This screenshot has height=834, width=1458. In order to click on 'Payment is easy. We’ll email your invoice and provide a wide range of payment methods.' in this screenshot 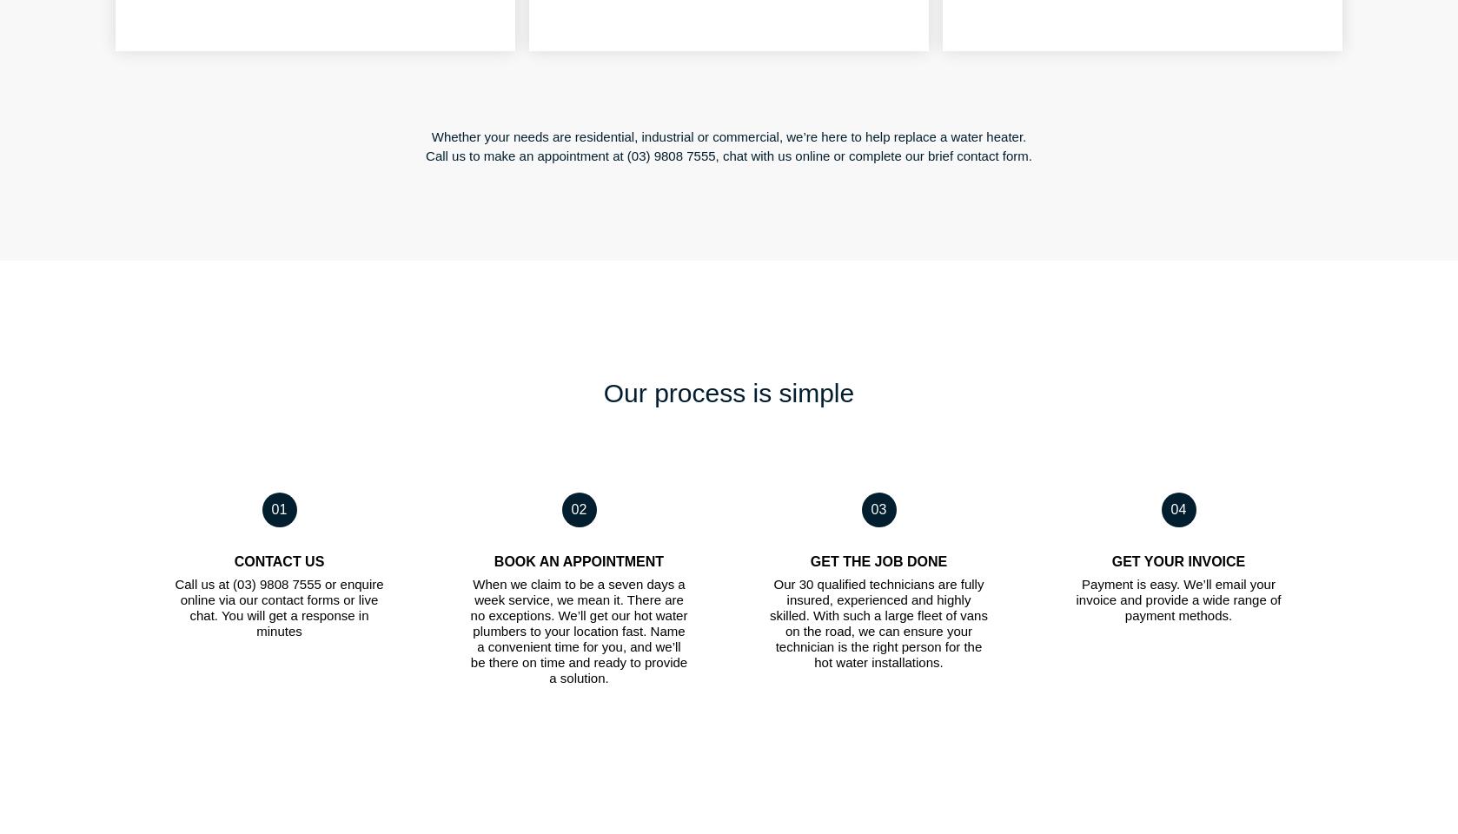, I will do `click(1176, 599)`.